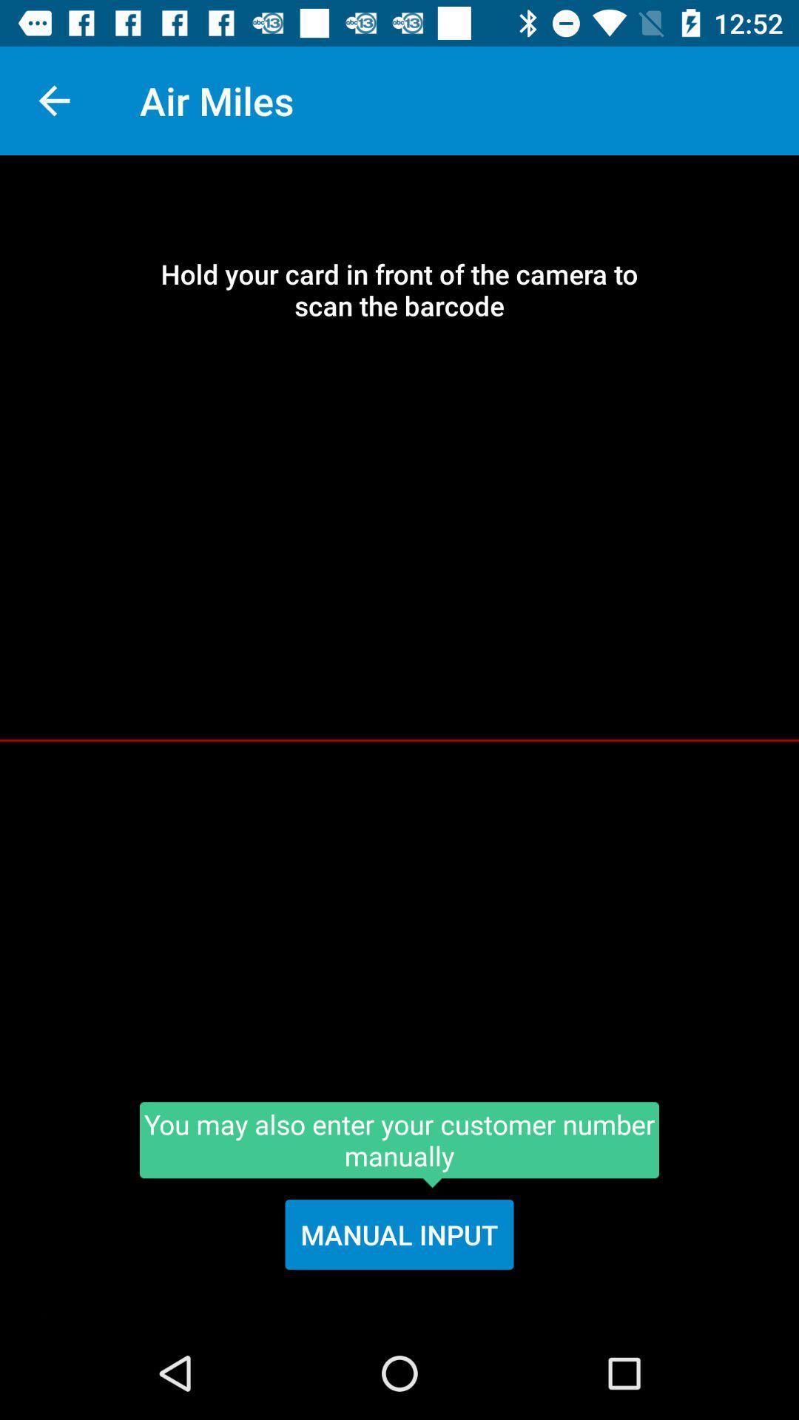 Image resolution: width=799 pixels, height=1420 pixels. I want to click on item next to air miles icon, so click(53, 100).